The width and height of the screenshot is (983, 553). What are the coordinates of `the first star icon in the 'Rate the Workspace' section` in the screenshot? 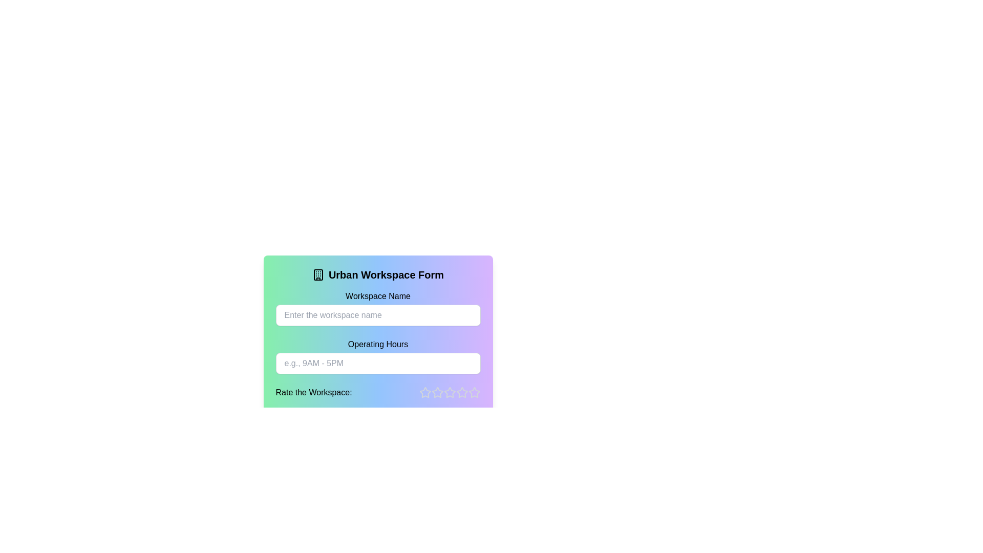 It's located at (425, 392).